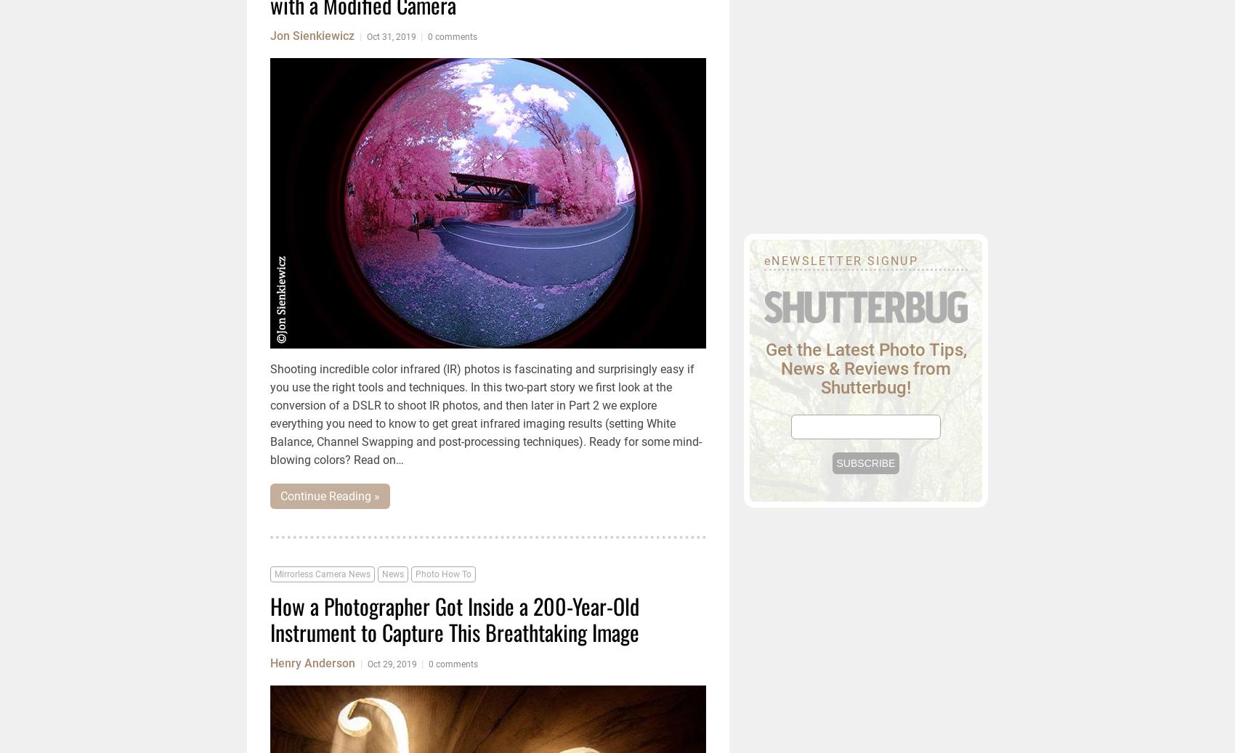 The image size is (1235, 753). Describe the element at coordinates (442, 574) in the screenshot. I see `'Photo How To'` at that location.